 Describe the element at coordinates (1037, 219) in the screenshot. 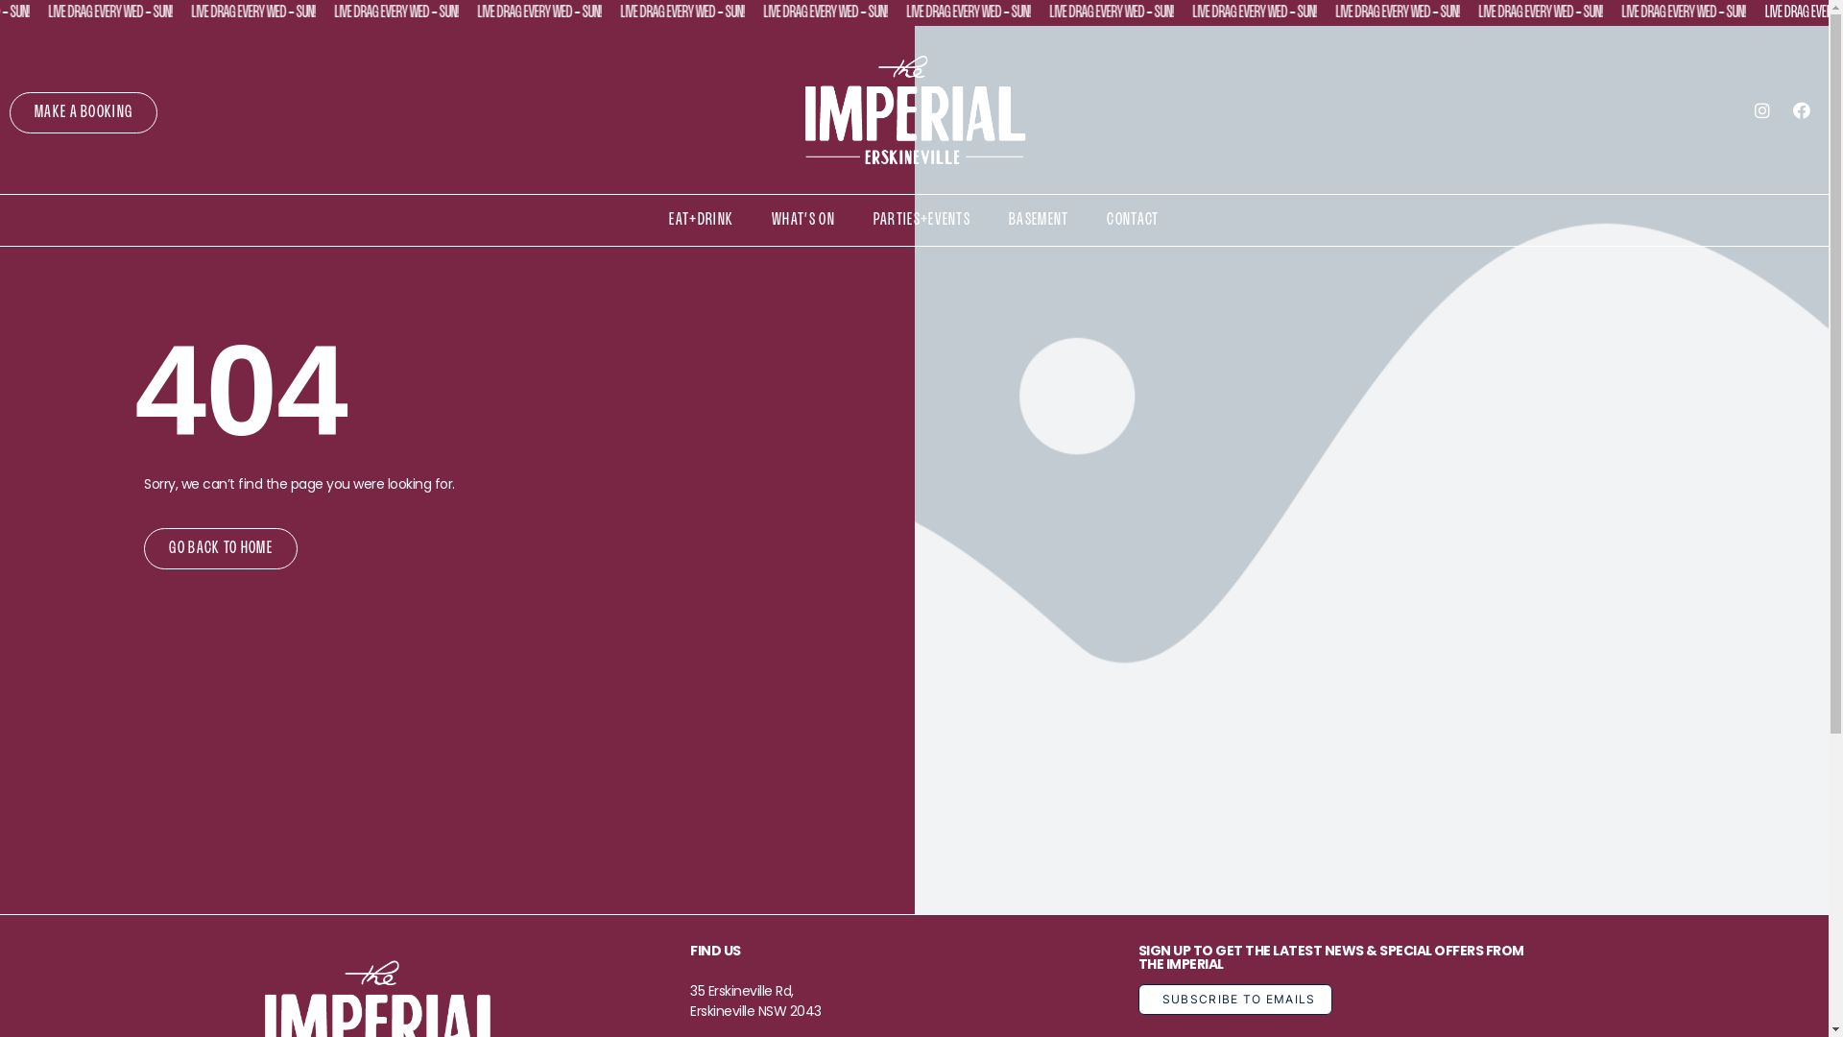

I see `'BASEMENT'` at that location.